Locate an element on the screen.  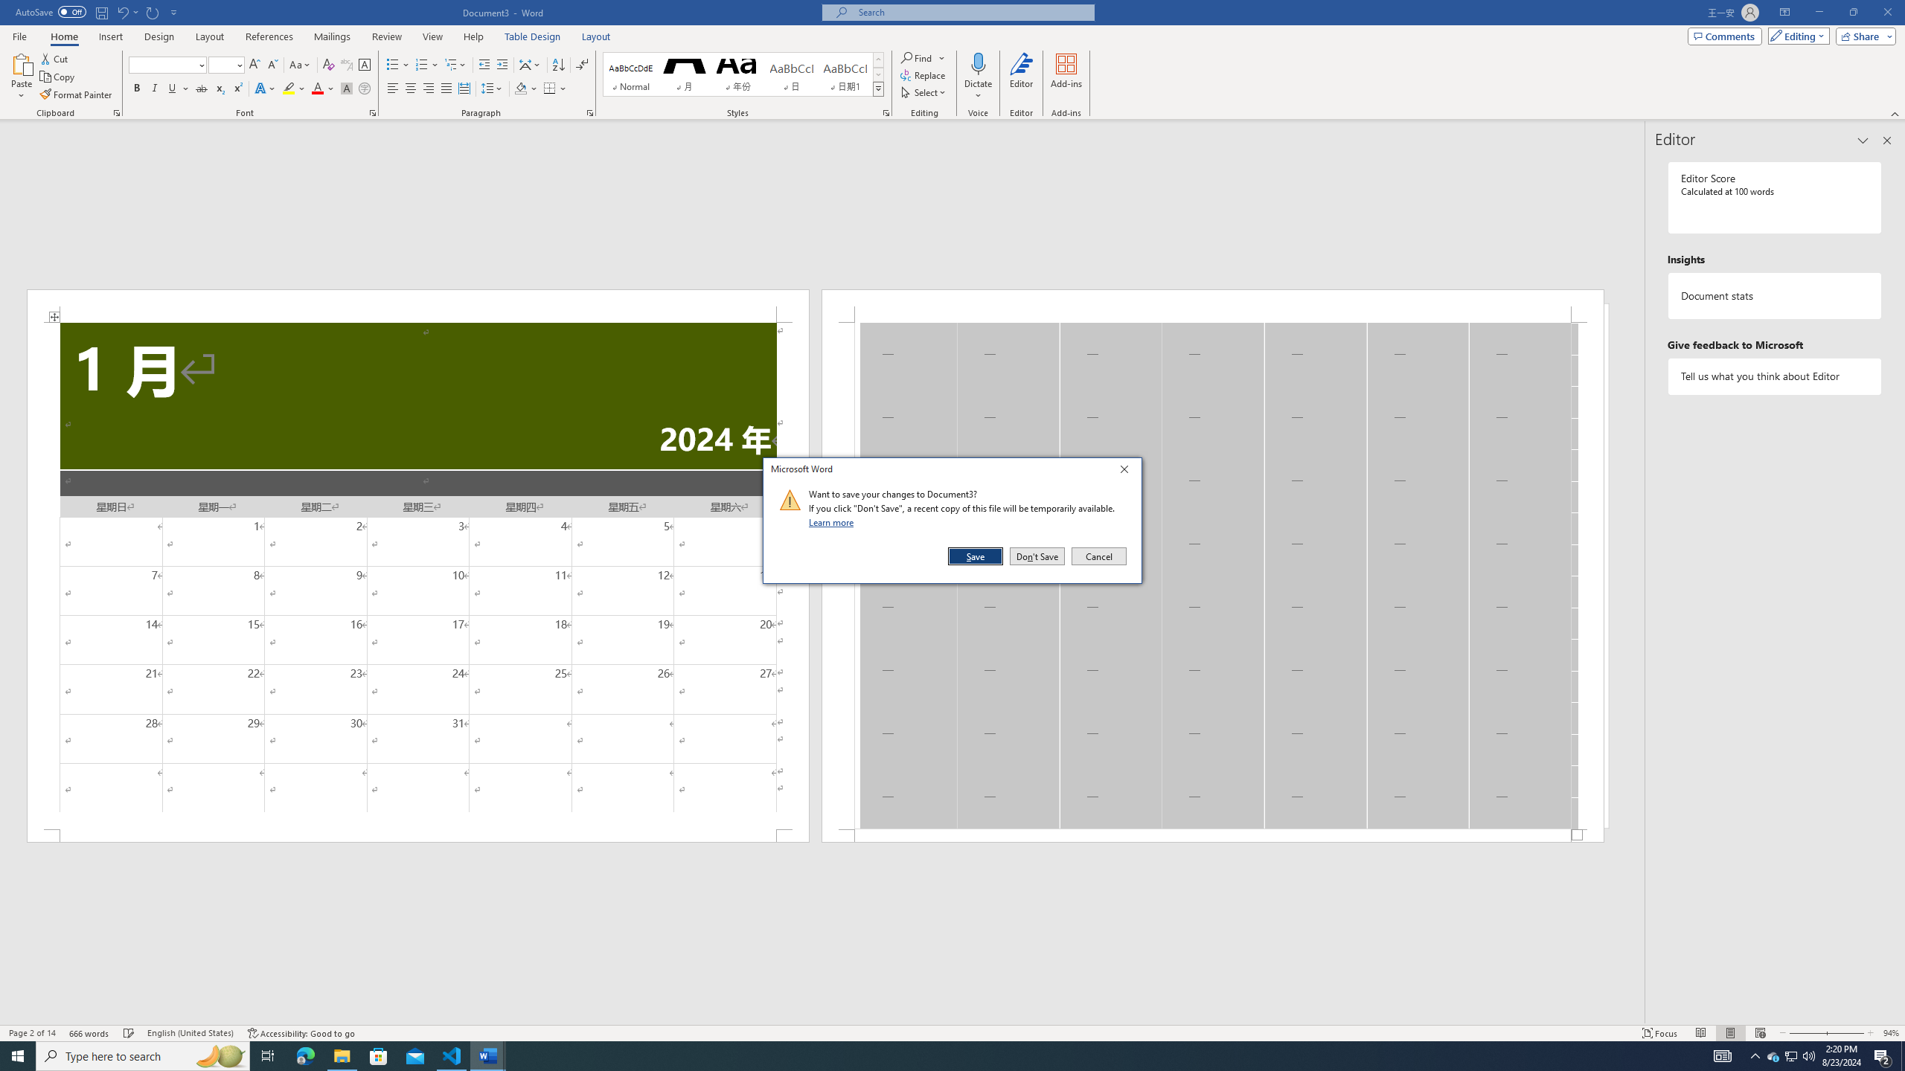
'Phonetic Guide...' is located at coordinates (345, 65).